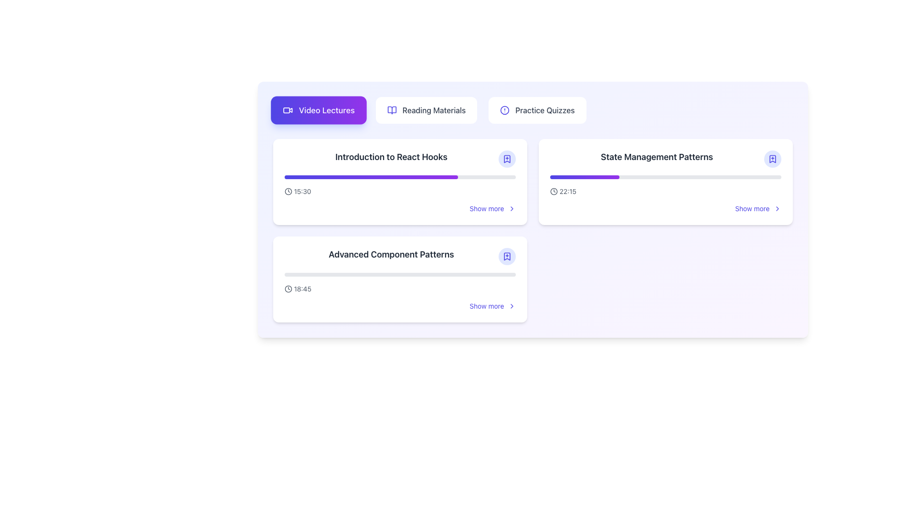 The image size is (917, 516). I want to click on the right-pointing chevron icon located to the right of the 'Show more' link text beneath the 'State Management Patterns' title, so click(777, 208).